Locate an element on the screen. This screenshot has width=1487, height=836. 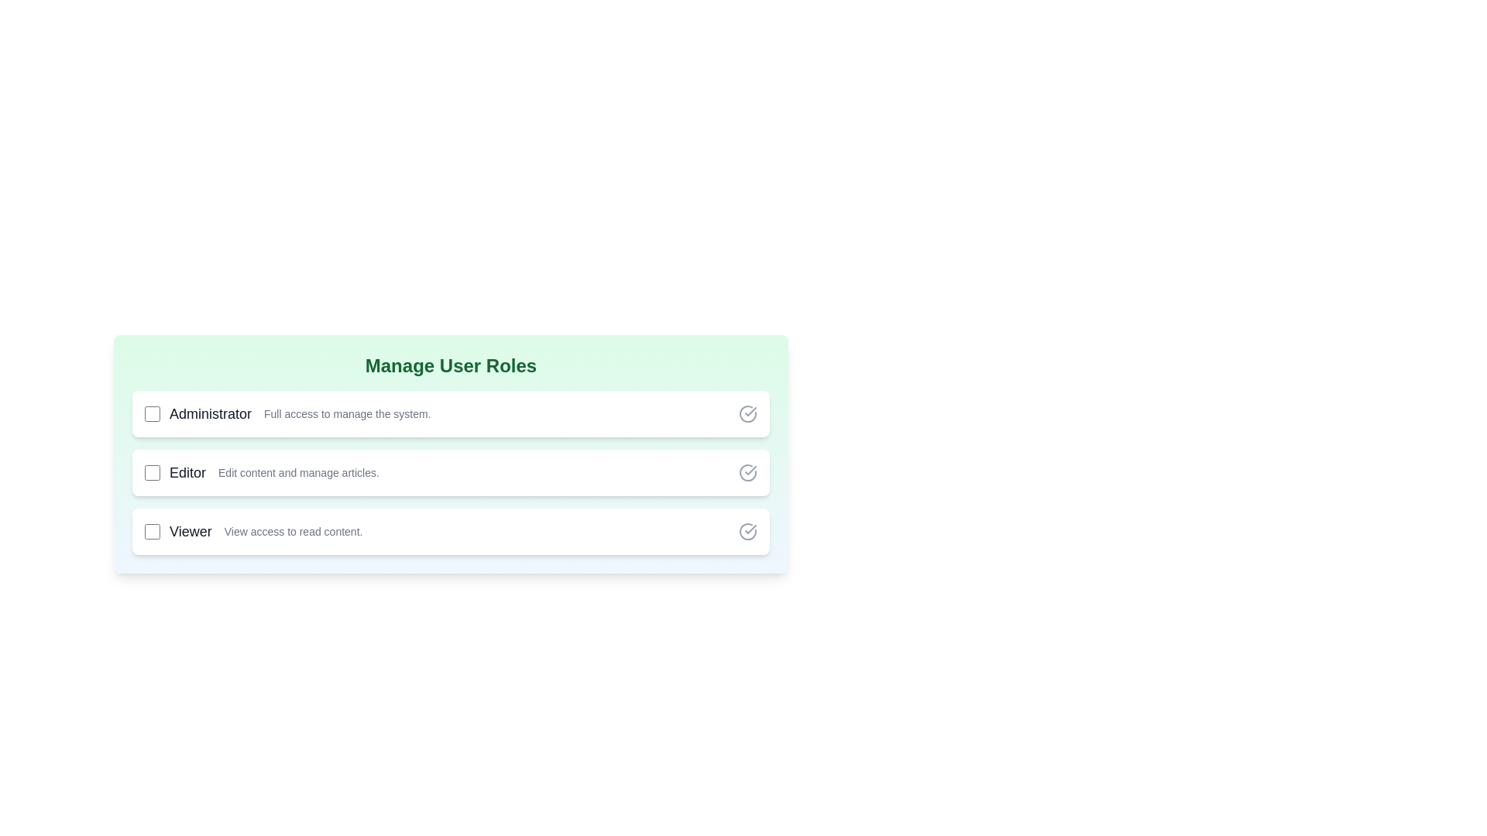
the text of the role Viewer to highlight it is located at coordinates (189, 530).